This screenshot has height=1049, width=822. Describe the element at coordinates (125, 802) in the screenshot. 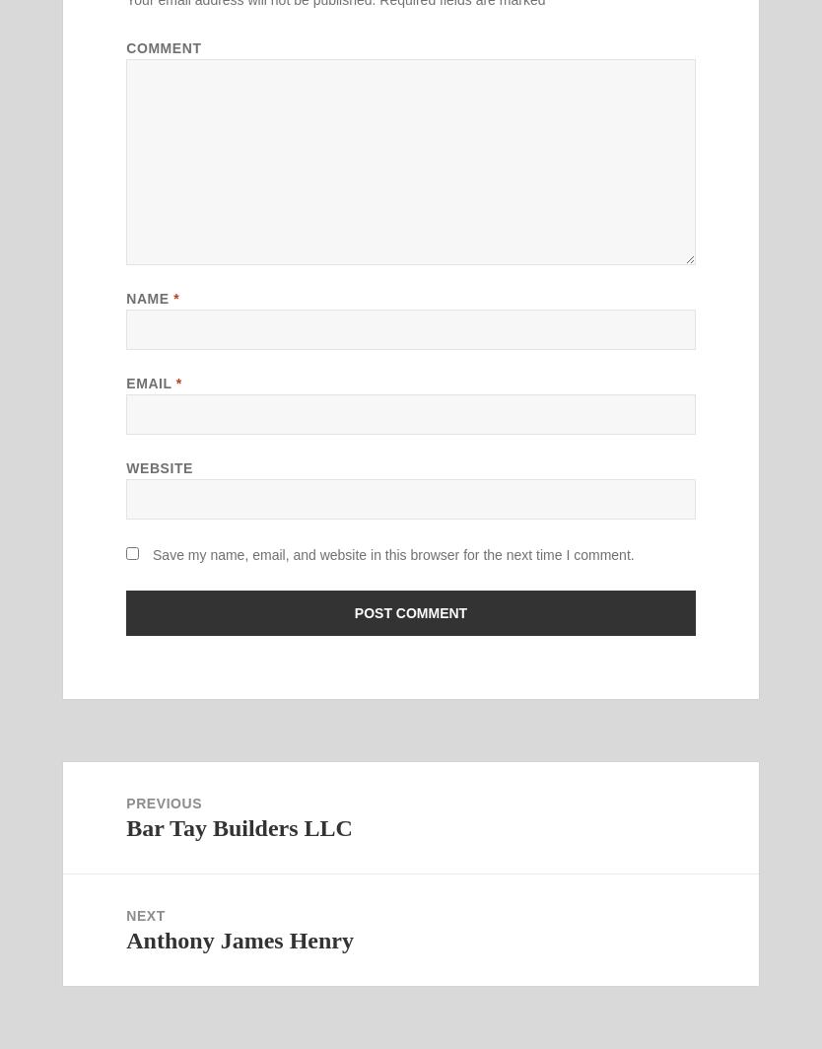

I see `'Previous'` at that location.